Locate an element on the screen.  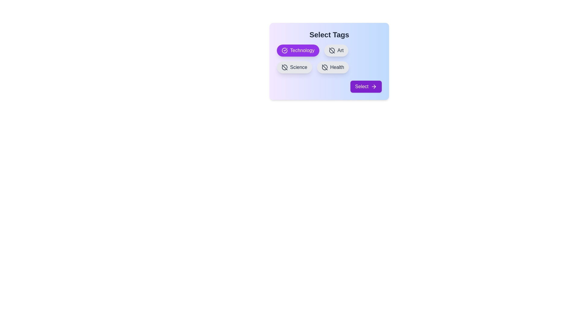
the 'Select' button to confirm the selection of tags is located at coordinates (365, 87).